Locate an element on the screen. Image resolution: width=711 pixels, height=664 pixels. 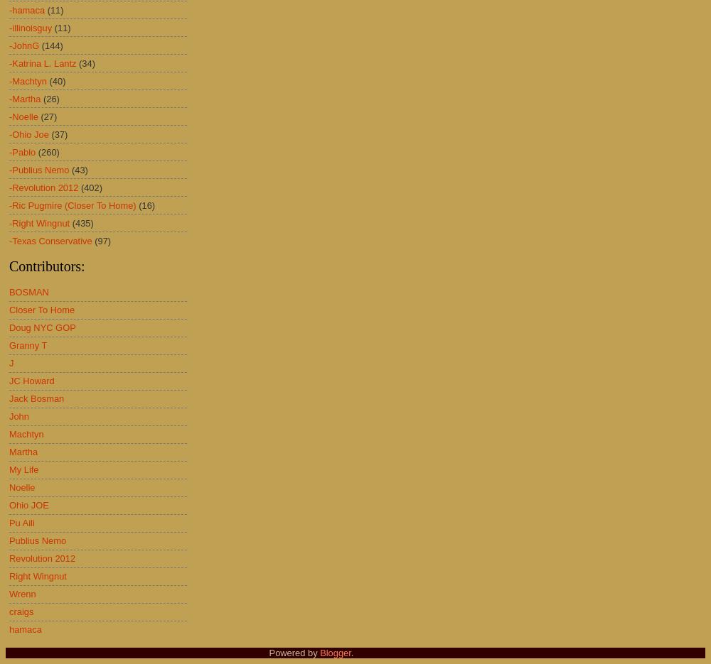
'Machtyn' is located at coordinates (26, 433).